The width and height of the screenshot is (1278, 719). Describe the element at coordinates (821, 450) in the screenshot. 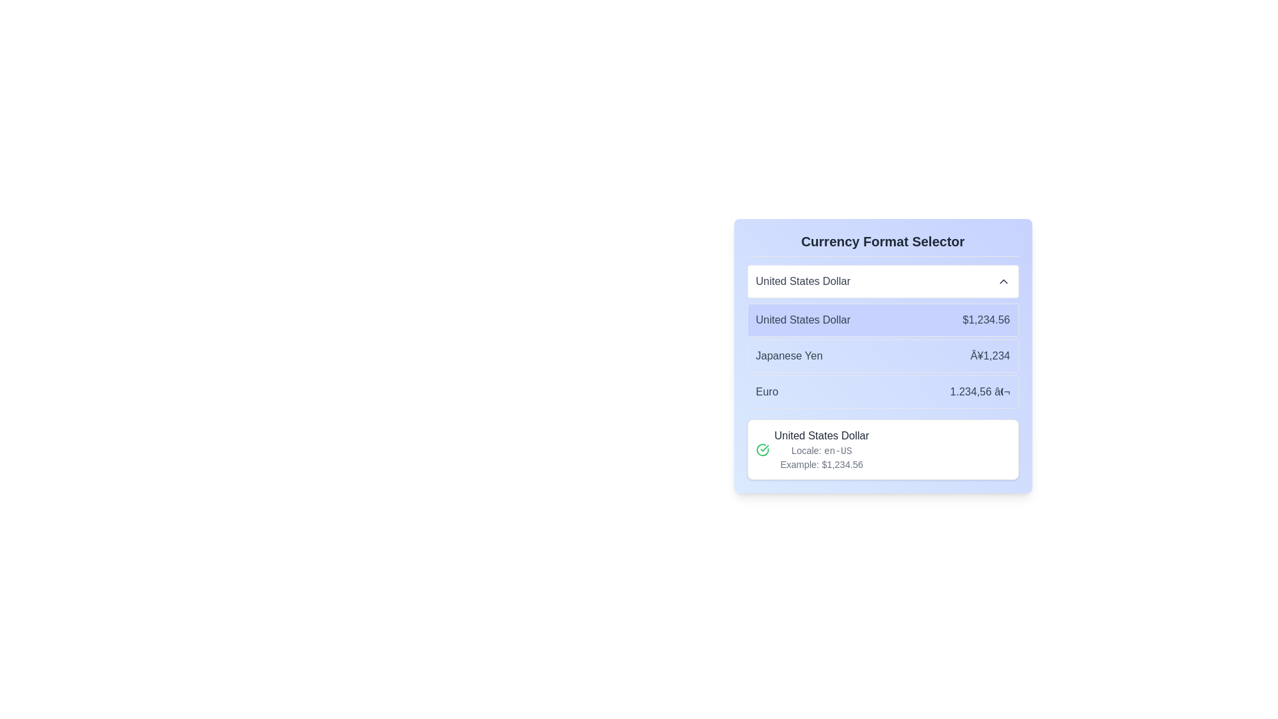

I see `the text label displaying 'Locale: en-US', which is styled in light gray and positioned below 'United States Dollar' and above 'Example: $1,234.56'` at that location.